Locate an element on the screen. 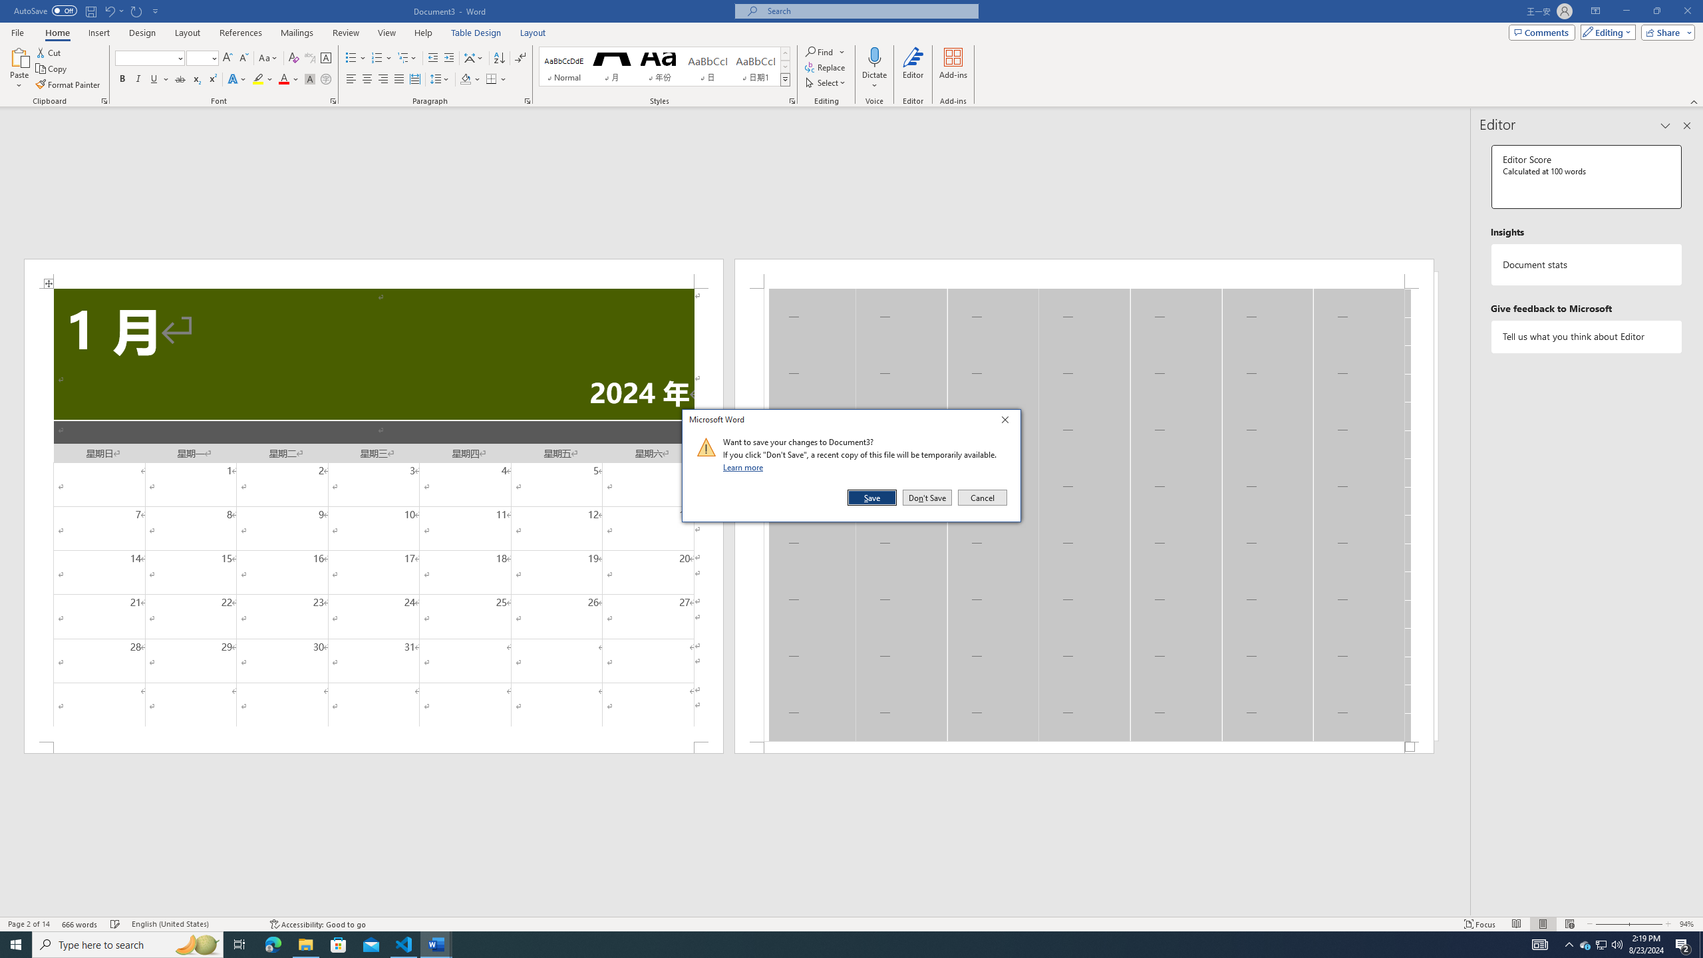 This screenshot has width=1703, height=958. 'Show/Hide Editing Marks' is located at coordinates (520, 58).